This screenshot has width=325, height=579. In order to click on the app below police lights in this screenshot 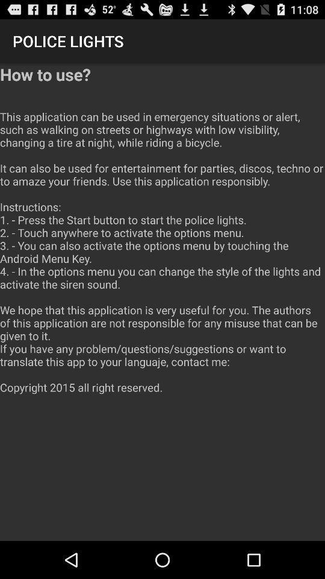, I will do `click(162, 235)`.